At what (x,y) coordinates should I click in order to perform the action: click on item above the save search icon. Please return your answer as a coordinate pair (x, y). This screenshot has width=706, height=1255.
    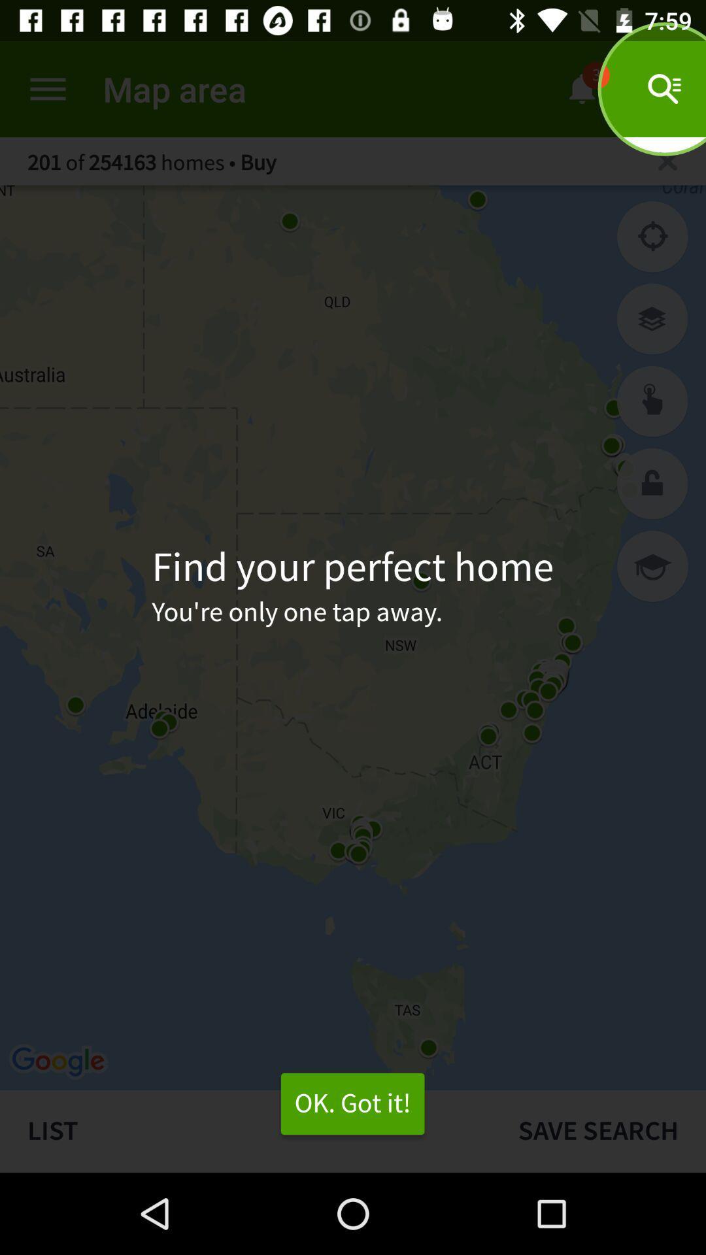
    Looking at the image, I should click on (652, 566).